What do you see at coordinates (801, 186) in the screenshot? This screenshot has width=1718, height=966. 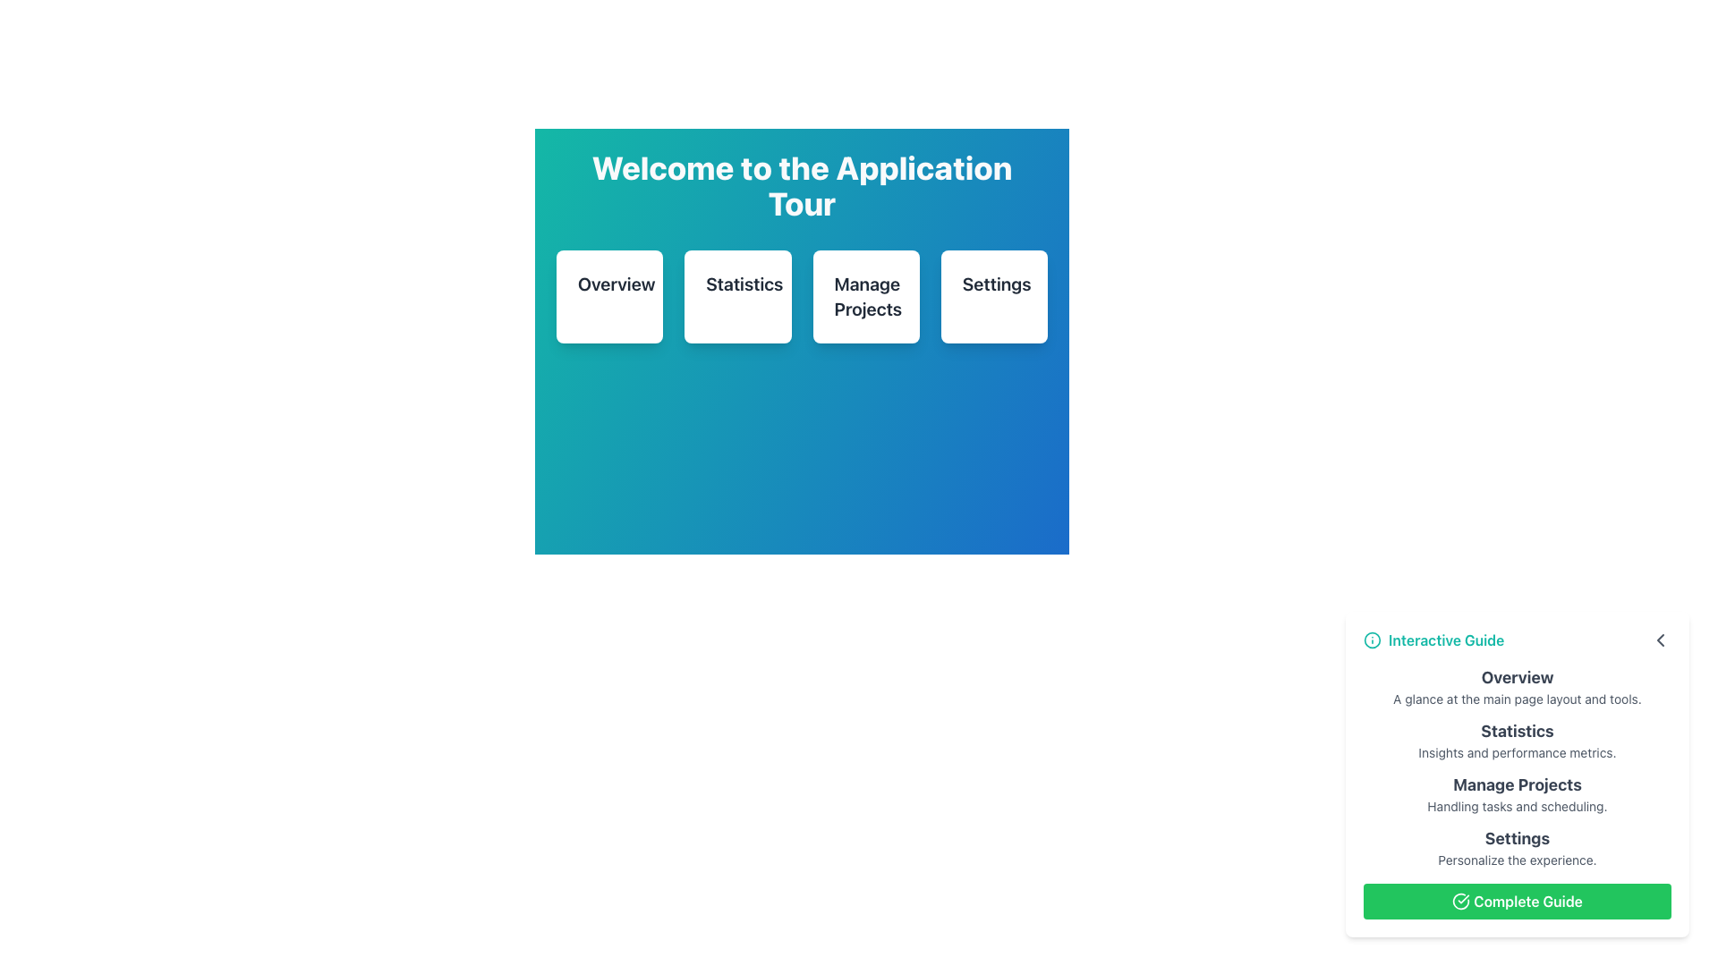 I see `the header text label 'Welcome to the Application Tour', which is displayed in large, bold, white text and is centered on a gradient background transitioning from teal to blue` at bounding box center [801, 186].